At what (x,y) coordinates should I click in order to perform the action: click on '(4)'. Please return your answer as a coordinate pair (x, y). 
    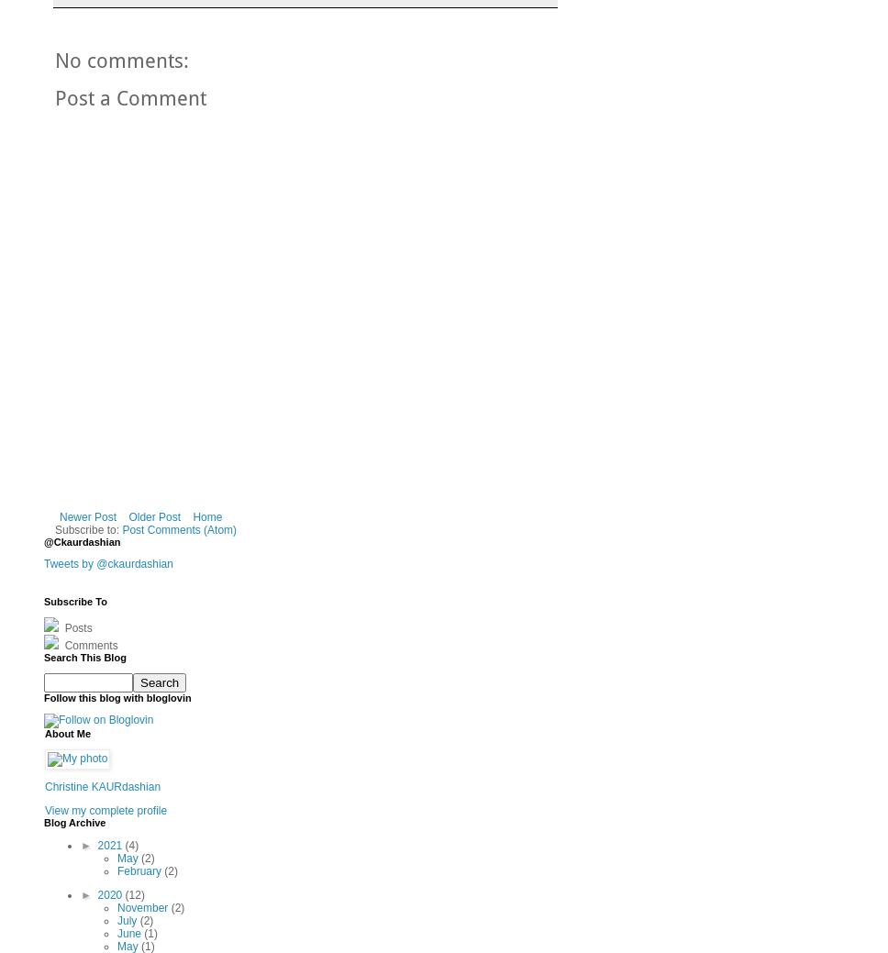
    Looking at the image, I should click on (124, 846).